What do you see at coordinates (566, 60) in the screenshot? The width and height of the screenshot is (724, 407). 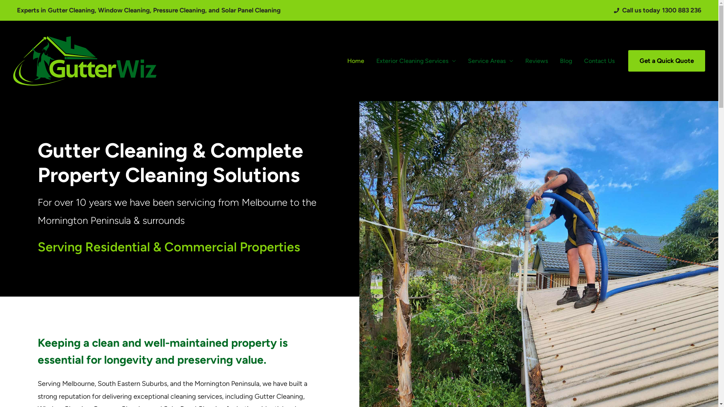 I see `'Blog'` at bounding box center [566, 60].